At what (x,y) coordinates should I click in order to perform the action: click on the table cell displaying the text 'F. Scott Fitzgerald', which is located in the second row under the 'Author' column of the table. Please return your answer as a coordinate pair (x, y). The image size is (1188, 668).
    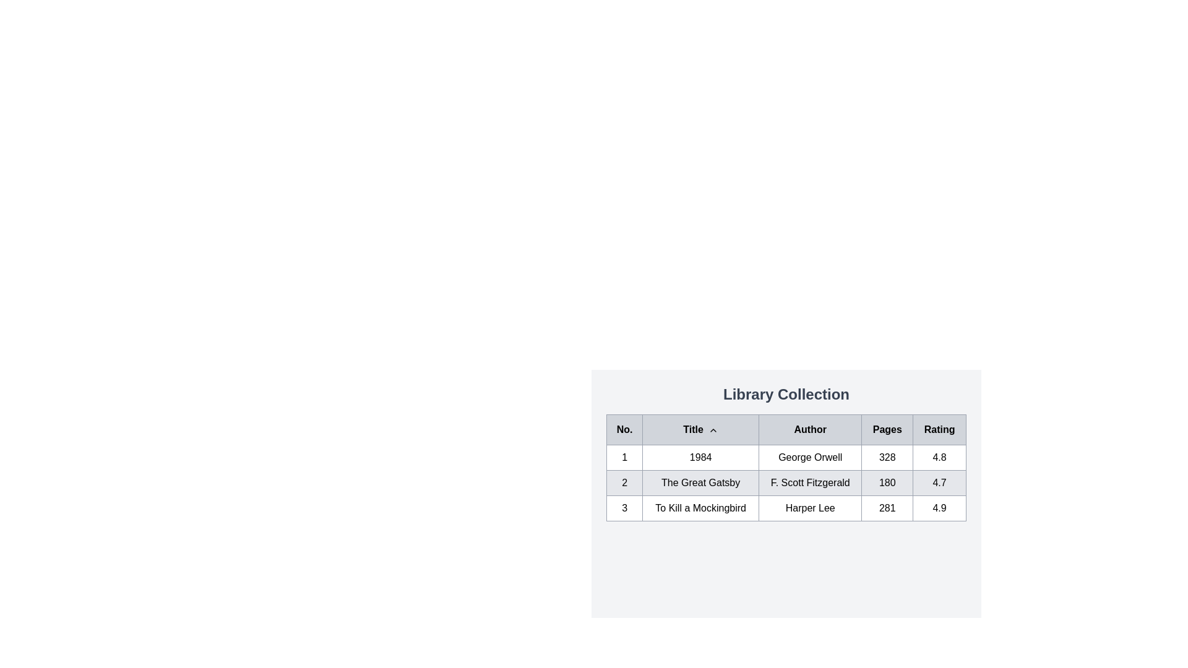
    Looking at the image, I should click on (810, 482).